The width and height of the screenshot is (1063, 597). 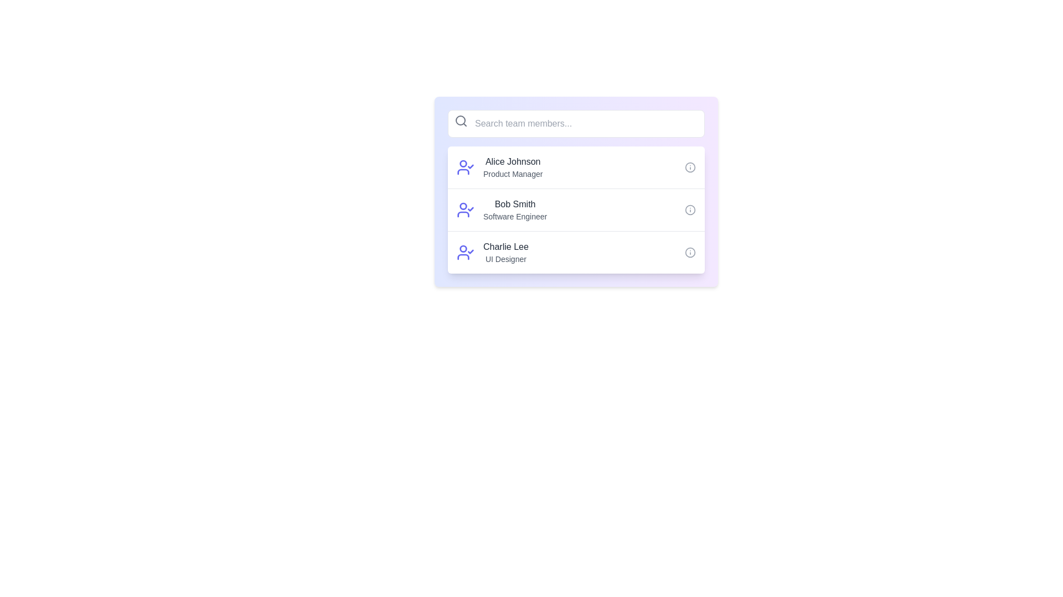 What do you see at coordinates (465, 252) in the screenshot?
I see `the SVG Icon that represents the user 'Charlie Lee' in the team member list, indicating an active status with a checkmark, located in the third list item` at bounding box center [465, 252].